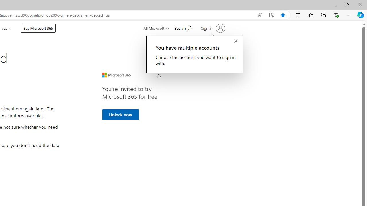 Image resolution: width=367 pixels, height=206 pixels. What do you see at coordinates (159, 75) in the screenshot?
I see `'Close Ad'` at bounding box center [159, 75].